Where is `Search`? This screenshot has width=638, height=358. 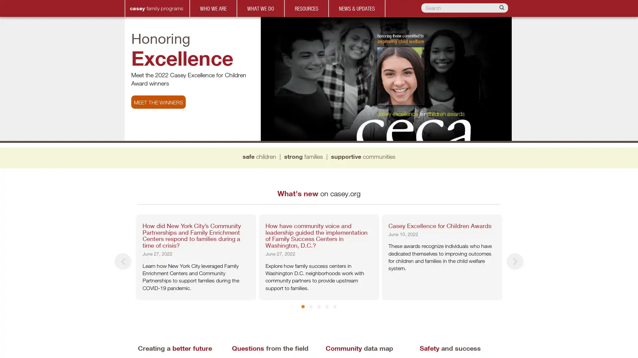
Search is located at coordinates (502, 8).